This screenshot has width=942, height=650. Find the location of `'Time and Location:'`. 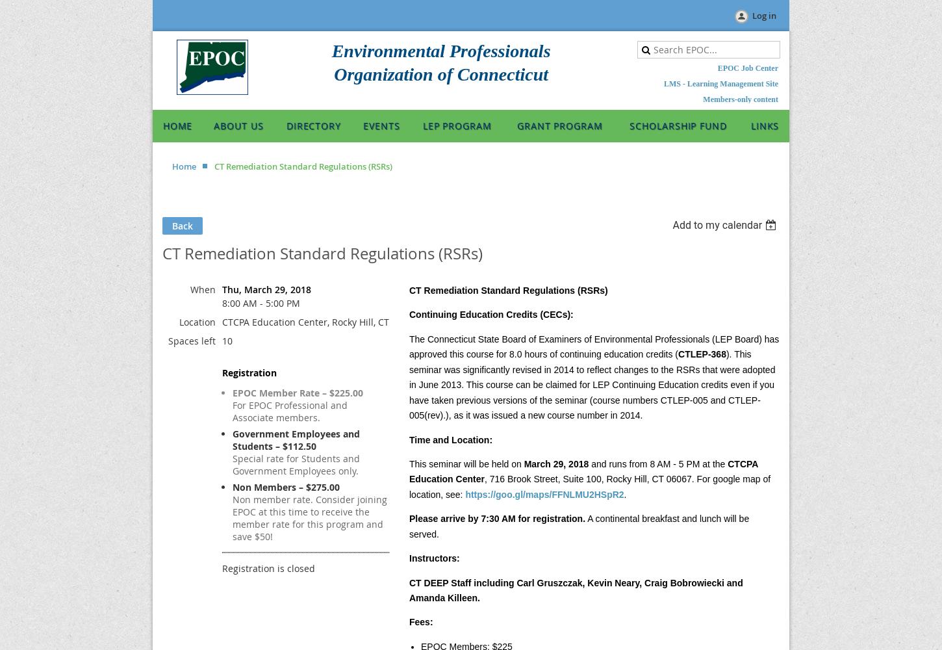

'Time and Location:' is located at coordinates (409, 439).